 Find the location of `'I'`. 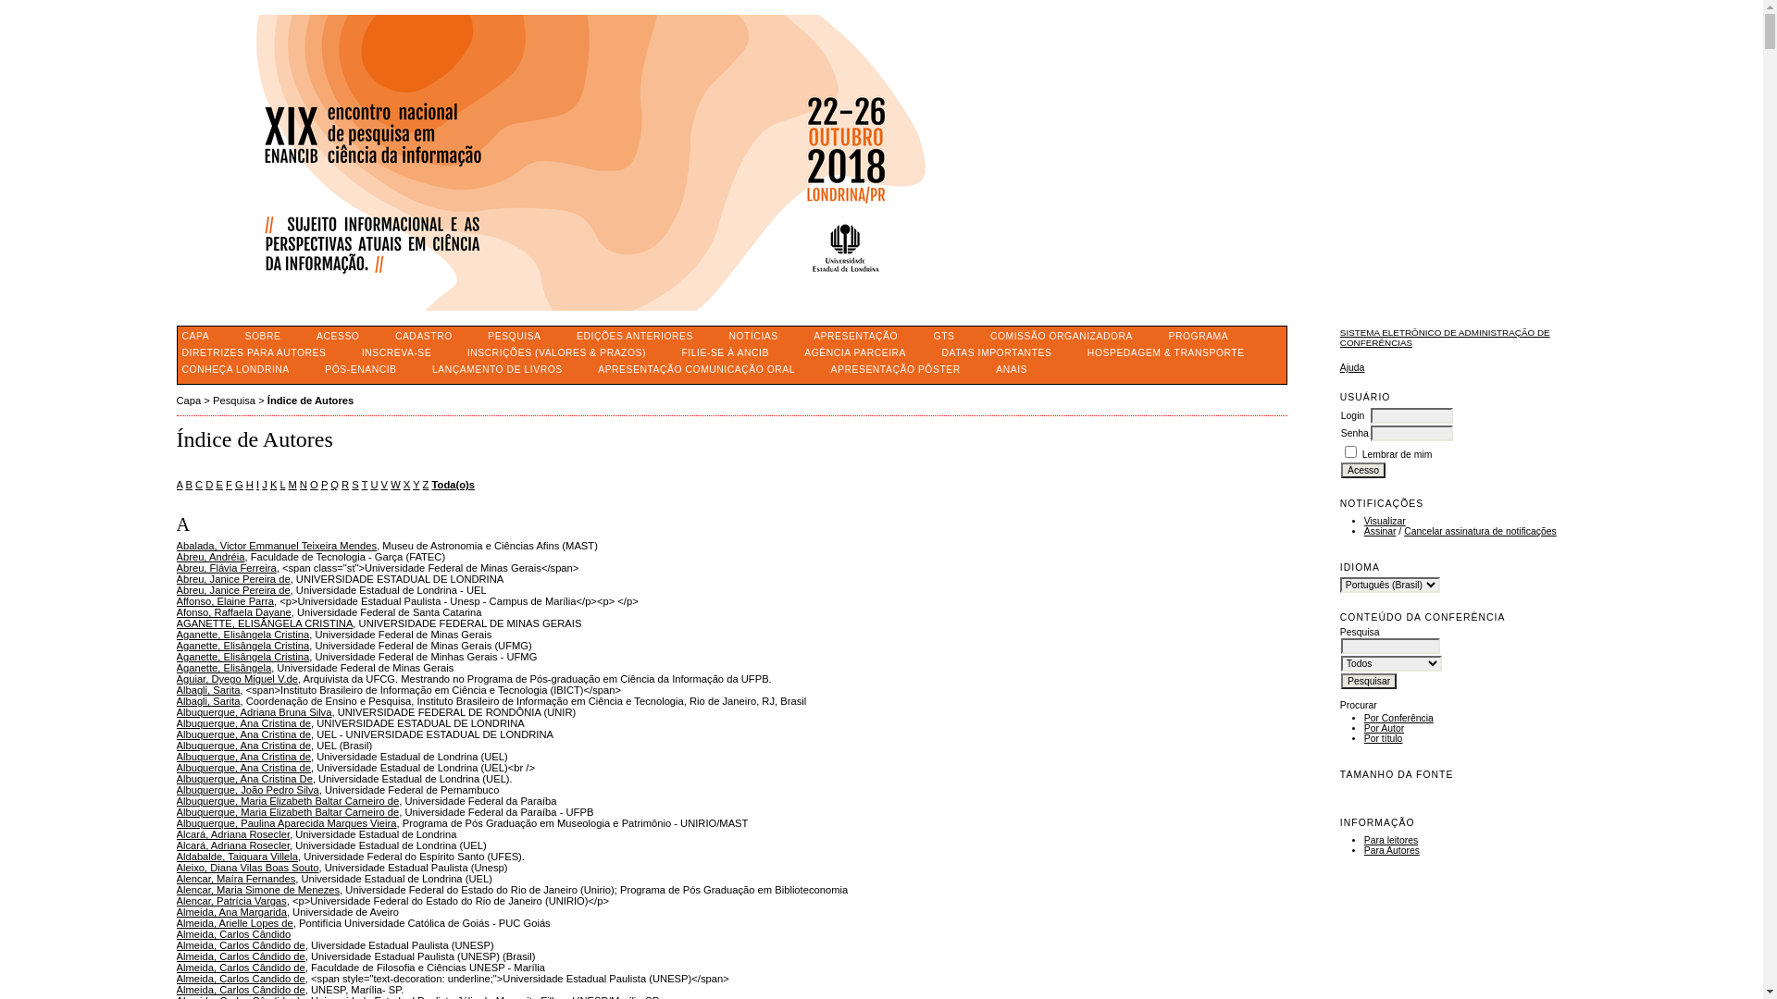

'I' is located at coordinates (256, 484).